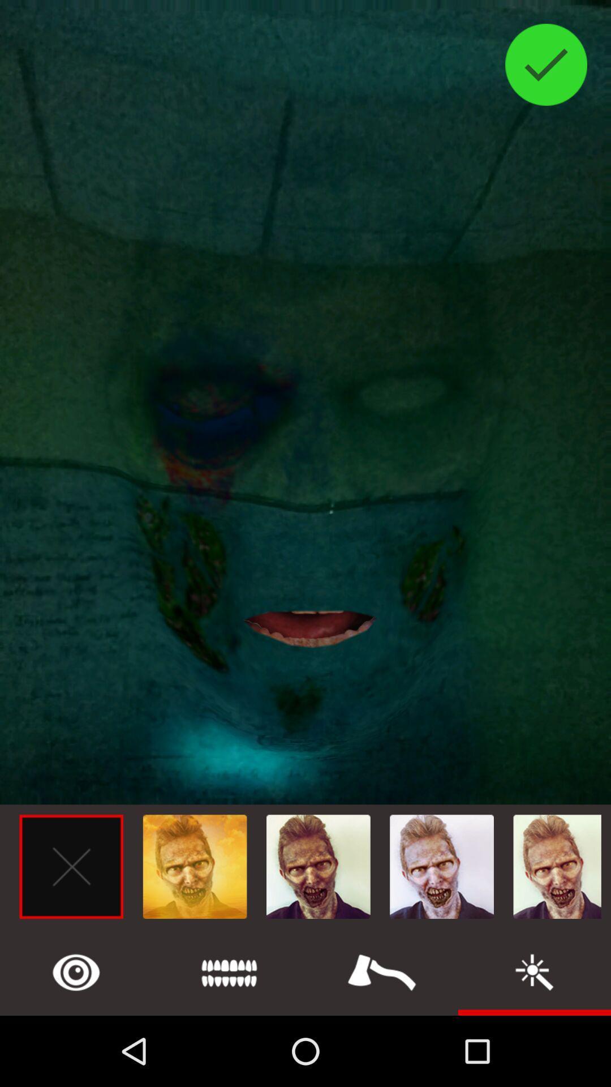 Image resolution: width=611 pixels, height=1087 pixels. What do you see at coordinates (545, 64) in the screenshot?
I see `the check icon` at bounding box center [545, 64].